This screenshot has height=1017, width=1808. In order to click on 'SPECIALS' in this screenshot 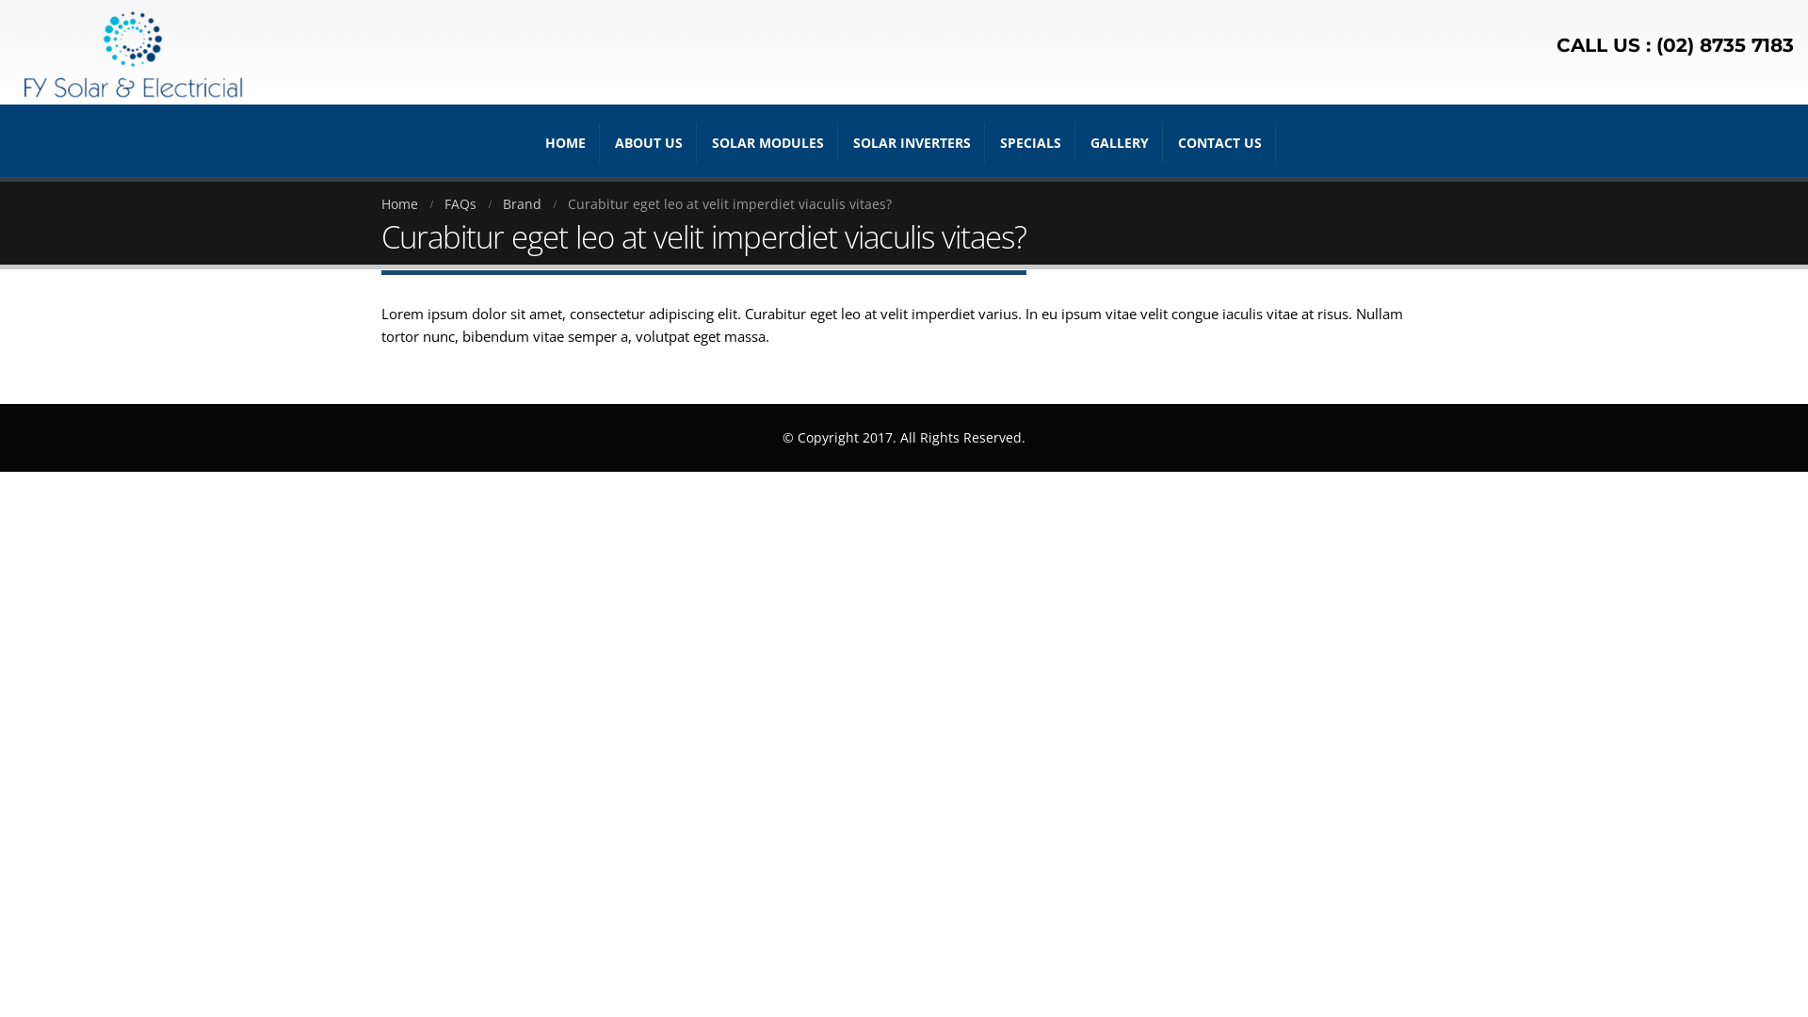, I will do `click(985, 141)`.